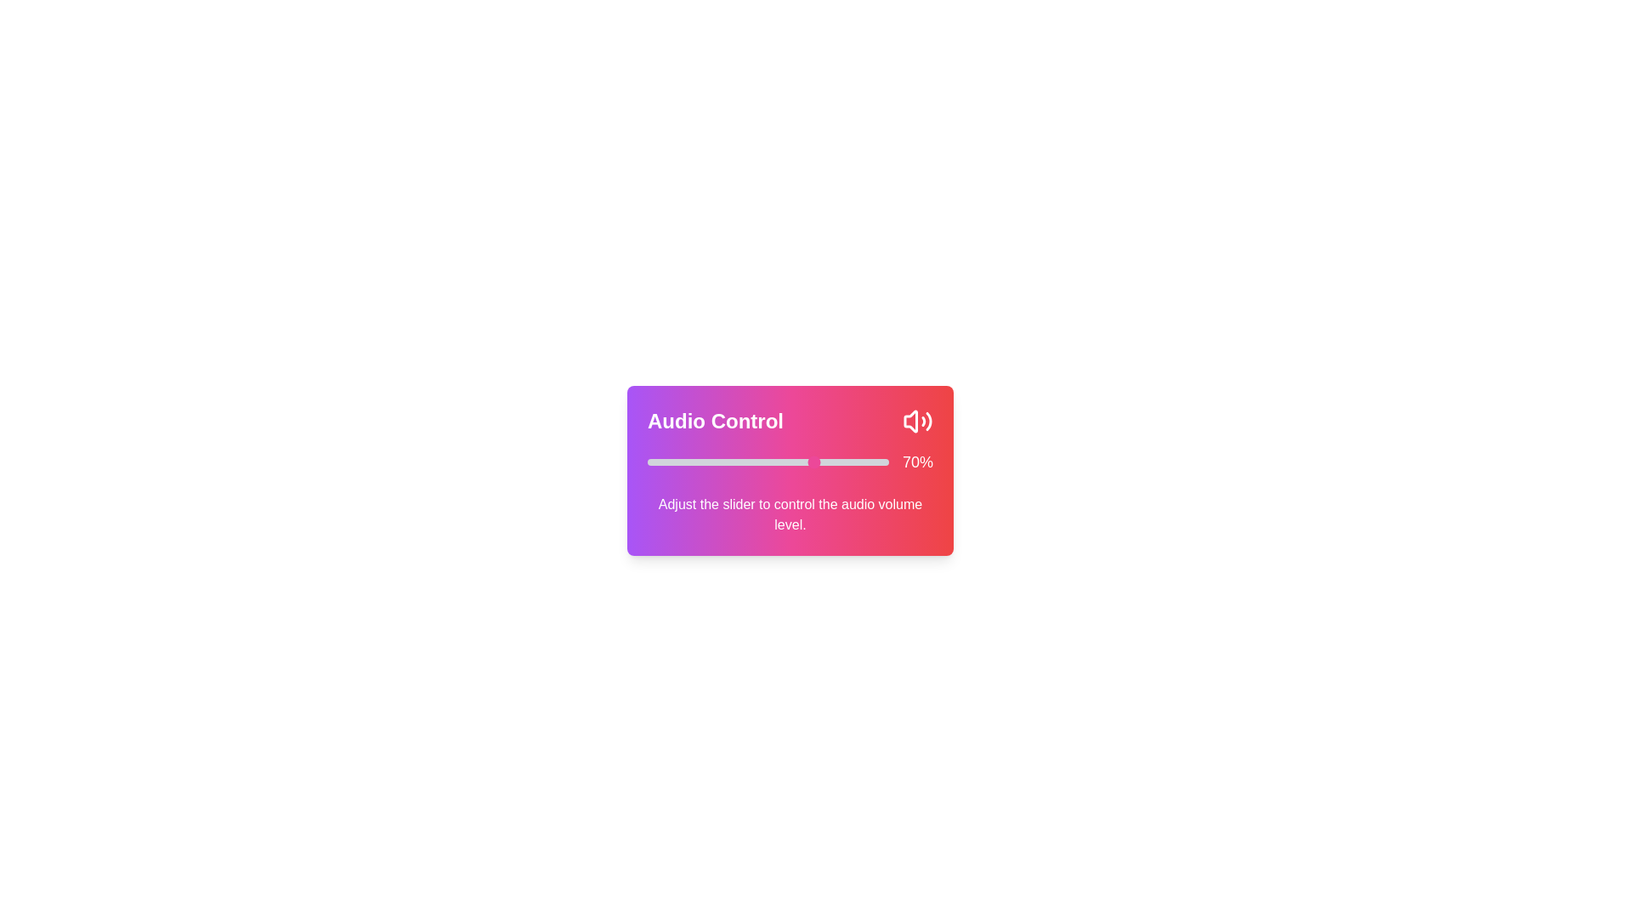 This screenshot has height=918, width=1632. What do you see at coordinates (651, 462) in the screenshot?
I see `the volume slider to set the volume to 2%` at bounding box center [651, 462].